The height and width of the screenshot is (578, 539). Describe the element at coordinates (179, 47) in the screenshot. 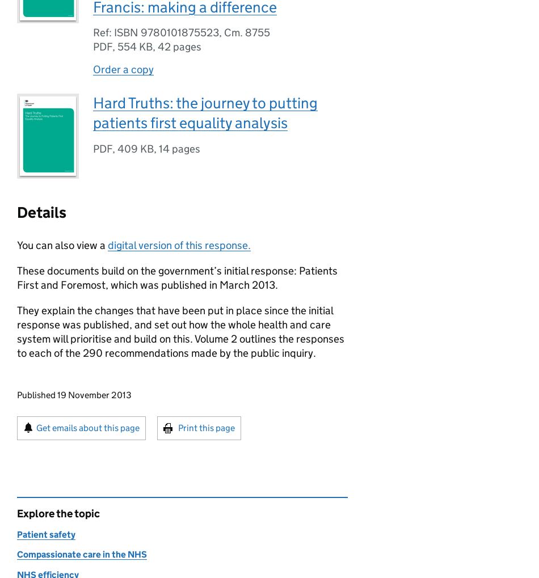

I see `'42 pages'` at that location.